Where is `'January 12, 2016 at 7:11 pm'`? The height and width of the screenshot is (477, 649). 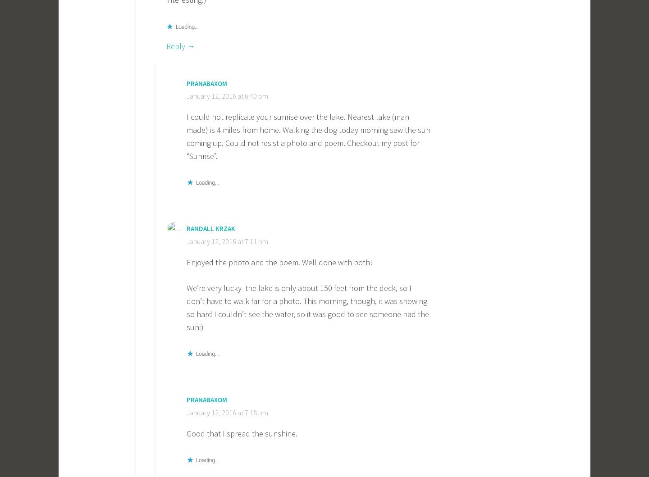
'January 12, 2016 at 7:11 pm' is located at coordinates (186, 241).